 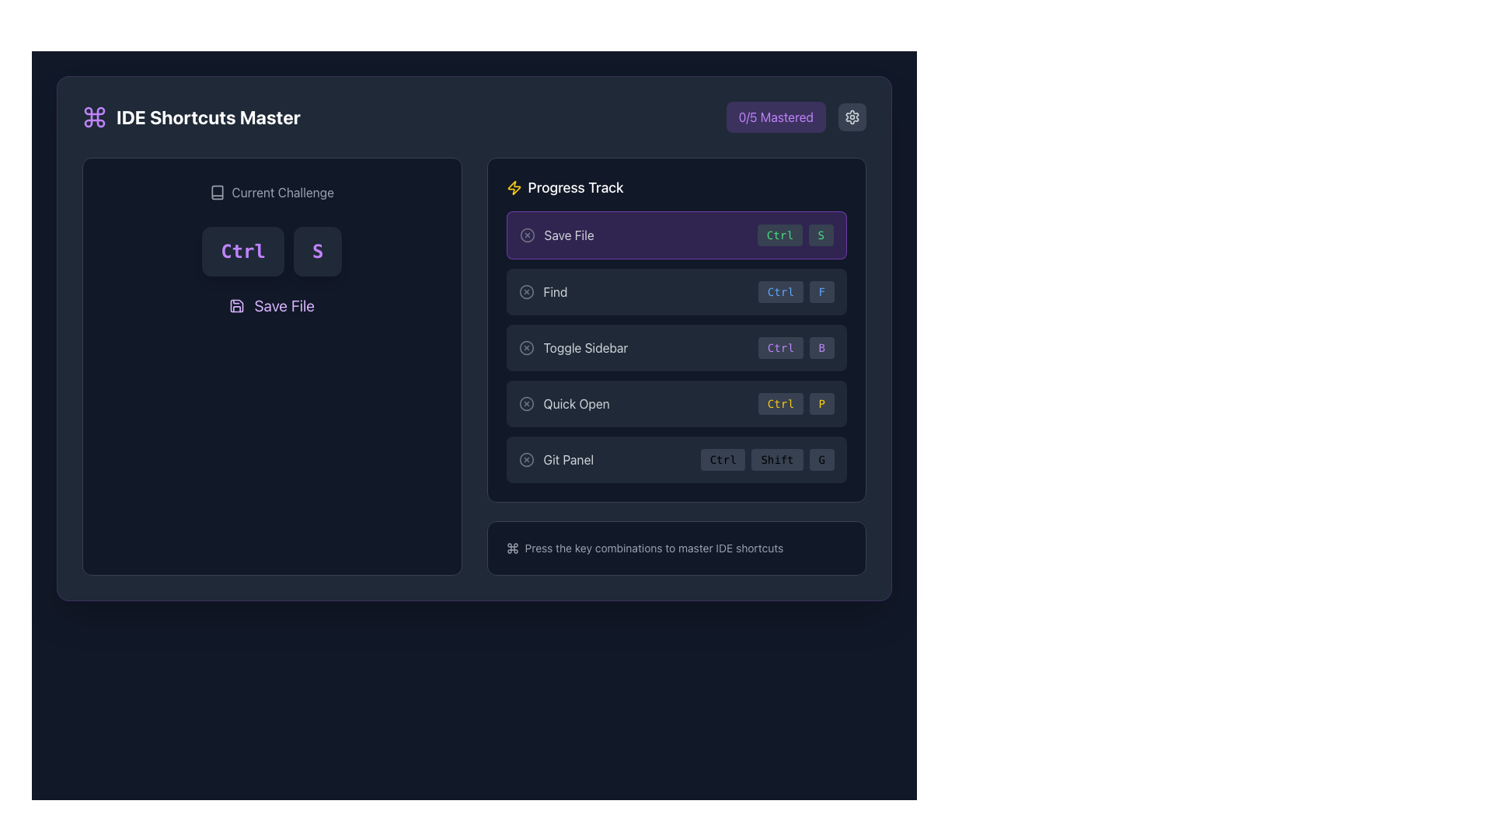 I want to click on the second item in the 'Progress Track' section, which represents the 'Find' action shortcut 'Ctrl F', so click(x=676, y=291).